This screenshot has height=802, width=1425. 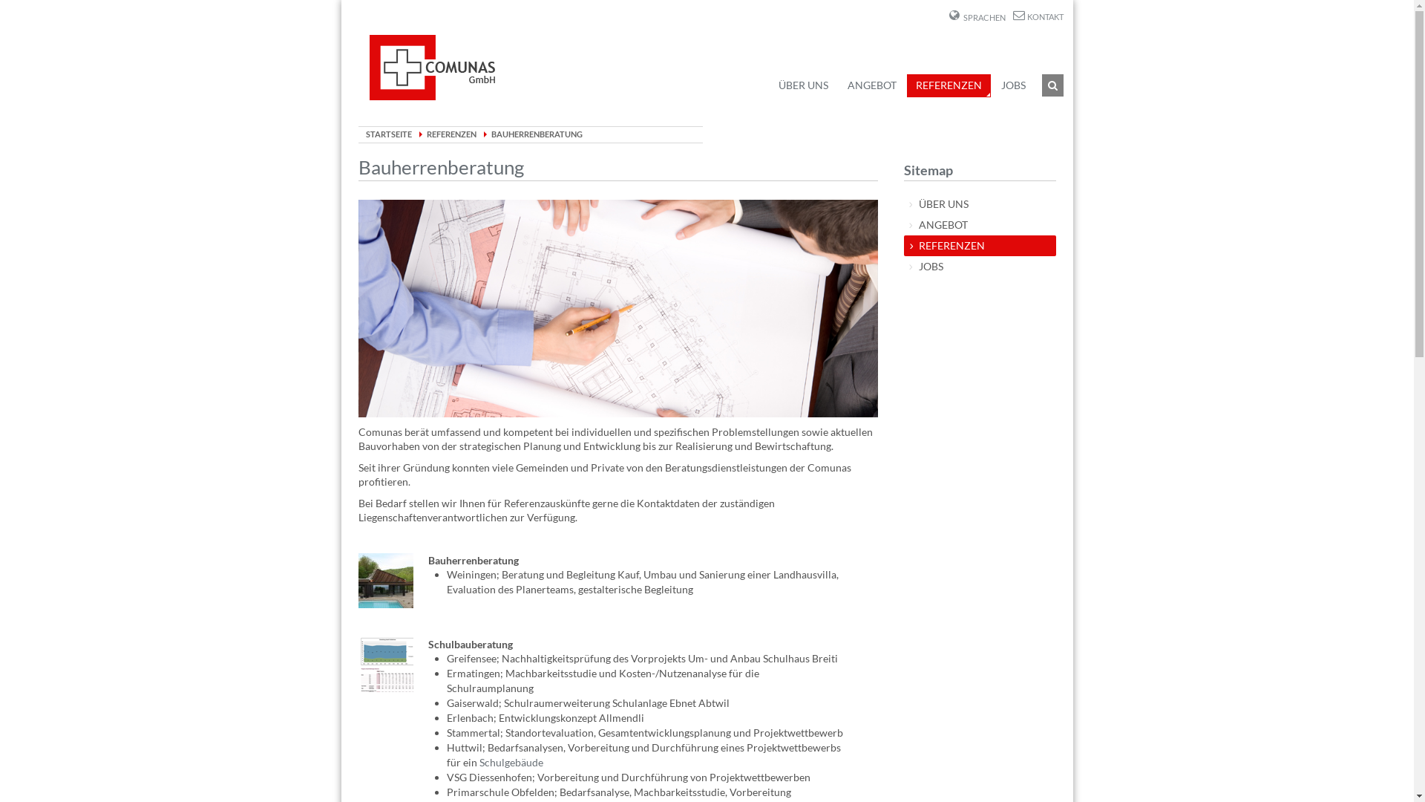 I want to click on 'REFERENZEN', so click(x=980, y=245).